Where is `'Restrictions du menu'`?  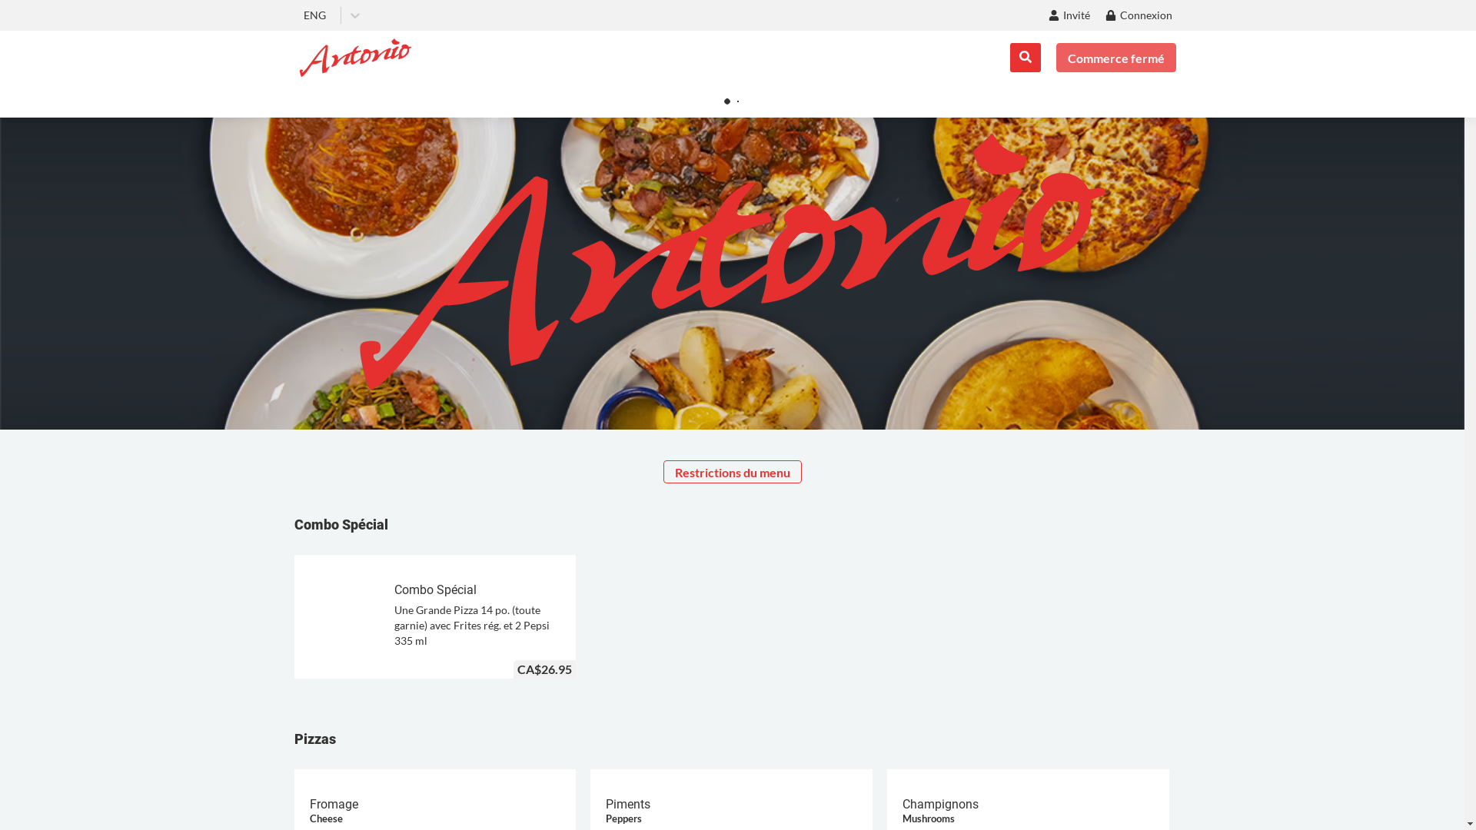
'Restrictions du menu' is located at coordinates (730, 470).